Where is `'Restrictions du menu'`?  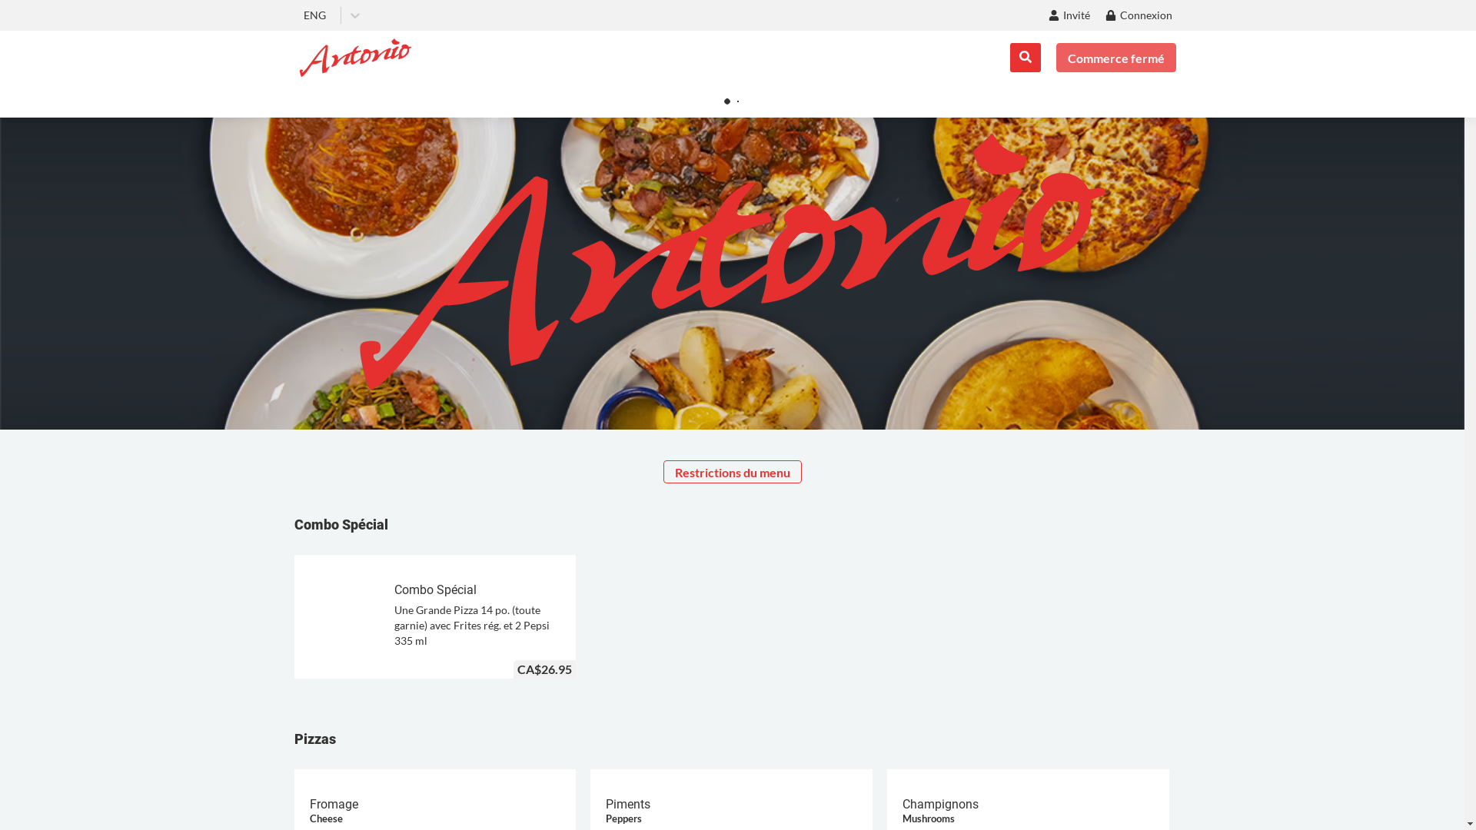
'Restrictions du menu' is located at coordinates (730, 470).